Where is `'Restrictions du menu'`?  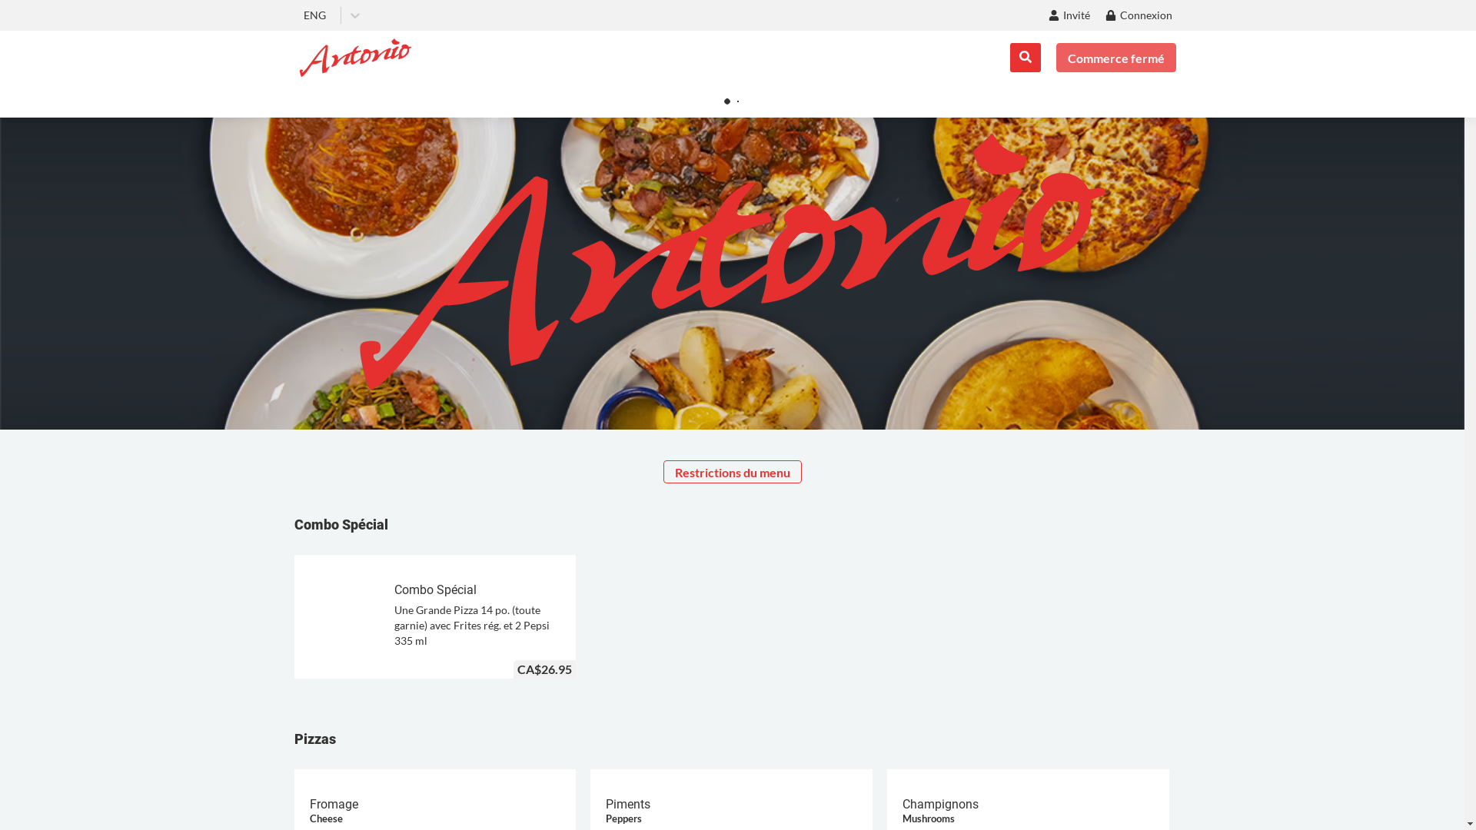
'Restrictions du menu' is located at coordinates (730, 470).